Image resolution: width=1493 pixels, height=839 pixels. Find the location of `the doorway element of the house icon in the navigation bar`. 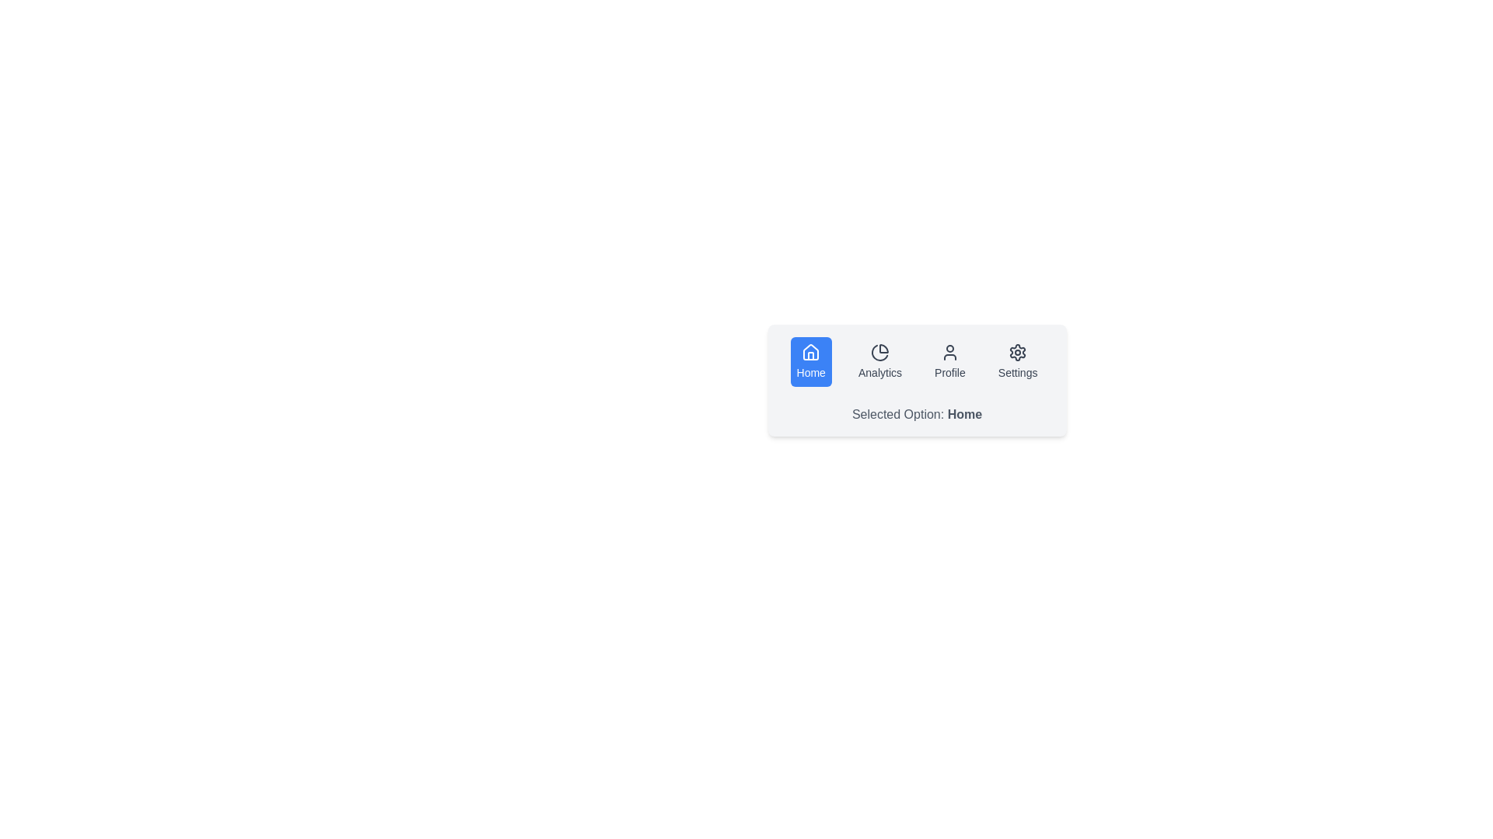

the doorway element of the house icon in the navigation bar is located at coordinates (810, 356).